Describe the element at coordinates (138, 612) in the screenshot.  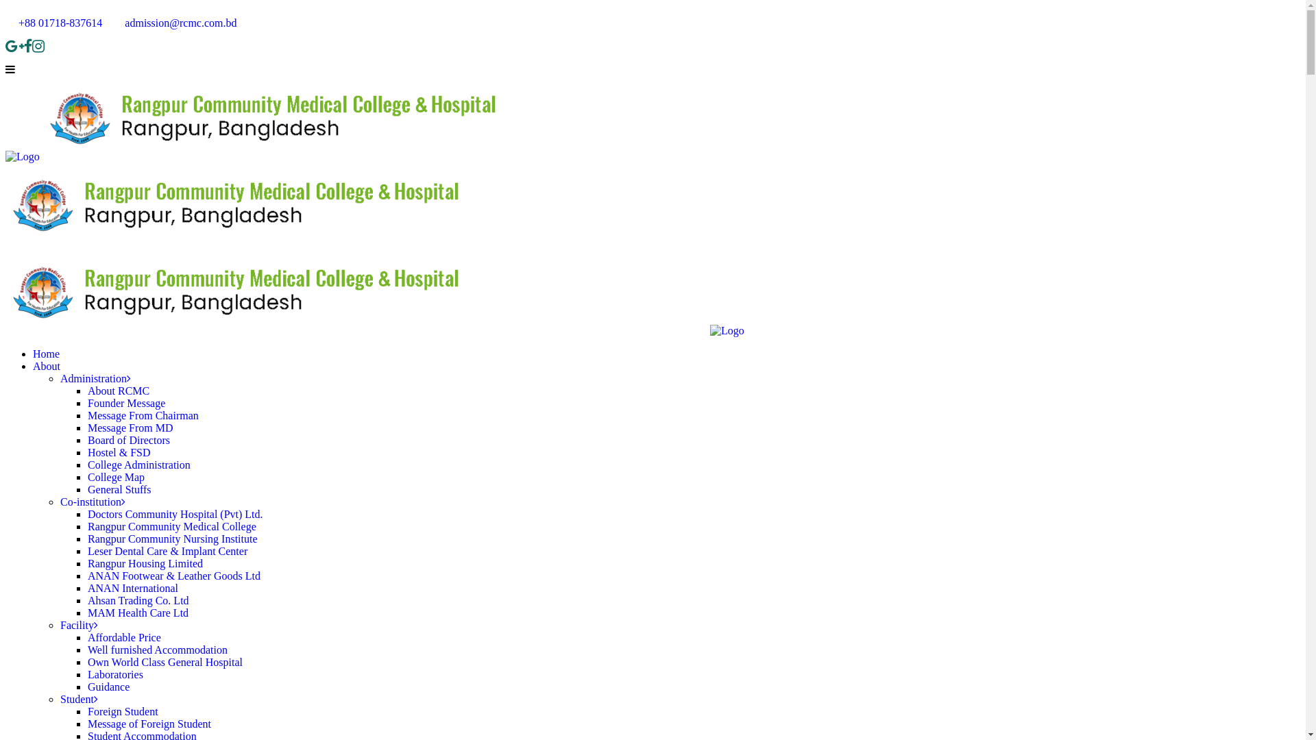
I see `'MAM Health Care Ltd'` at that location.